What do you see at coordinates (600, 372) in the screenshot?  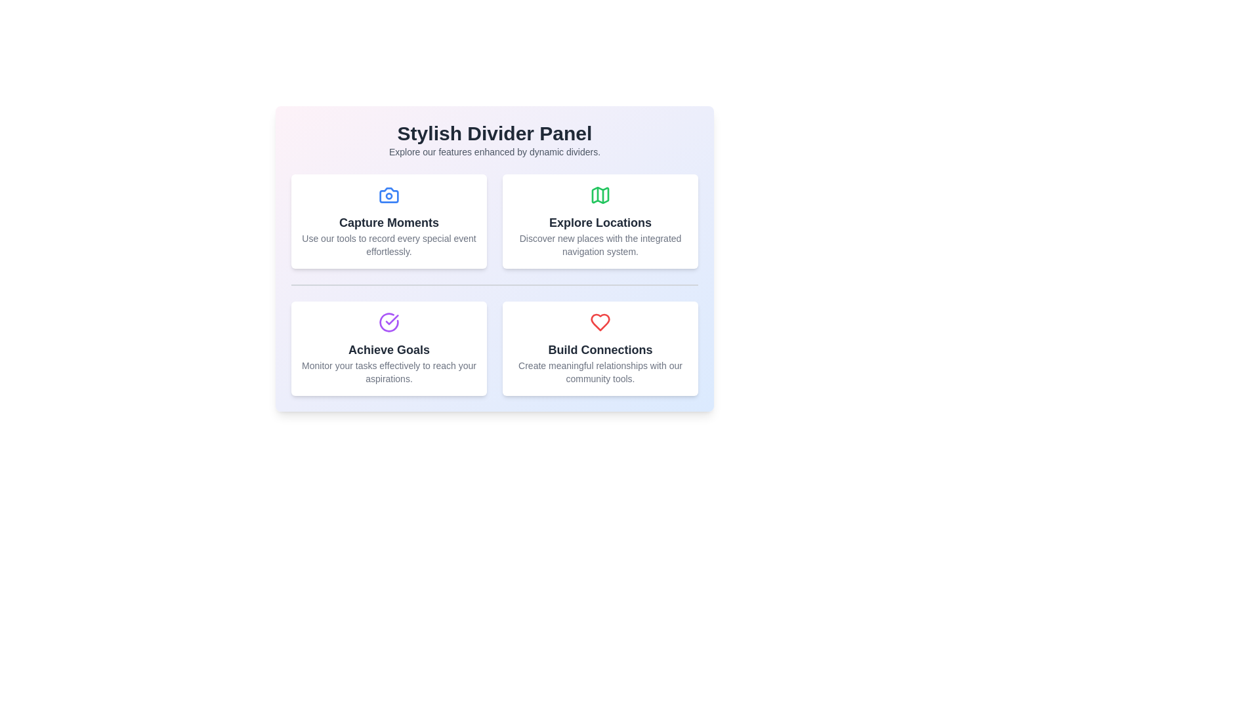 I see `text label that says 'Create meaningful relationships with our community tools.' located at the bottom of the 'Build Connections' card in the bottom-right corner of the main layout grid` at bounding box center [600, 372].